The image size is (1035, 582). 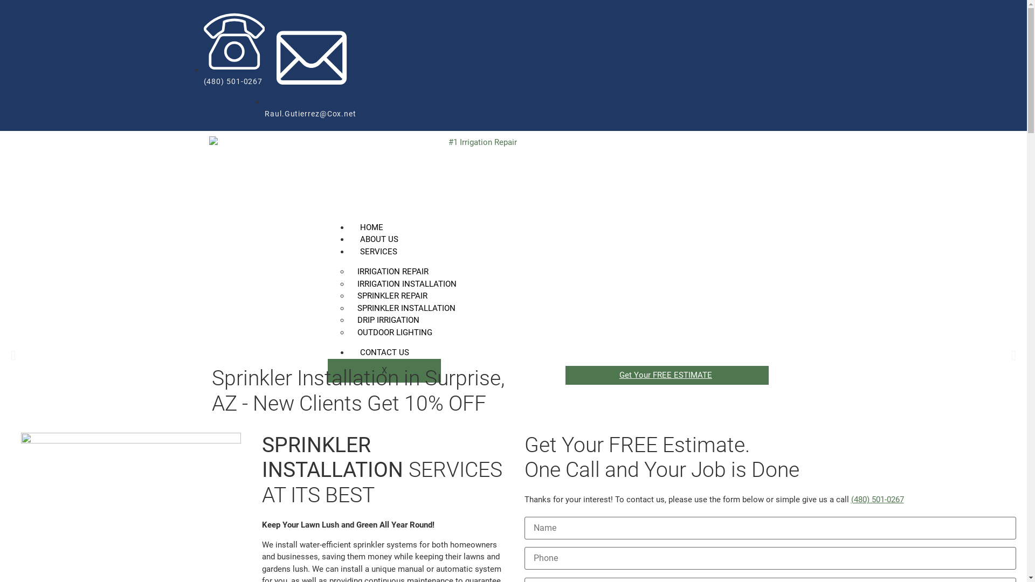 I want to click on 'OUTDOOR LIGHTING', so click(x=394, y=332).